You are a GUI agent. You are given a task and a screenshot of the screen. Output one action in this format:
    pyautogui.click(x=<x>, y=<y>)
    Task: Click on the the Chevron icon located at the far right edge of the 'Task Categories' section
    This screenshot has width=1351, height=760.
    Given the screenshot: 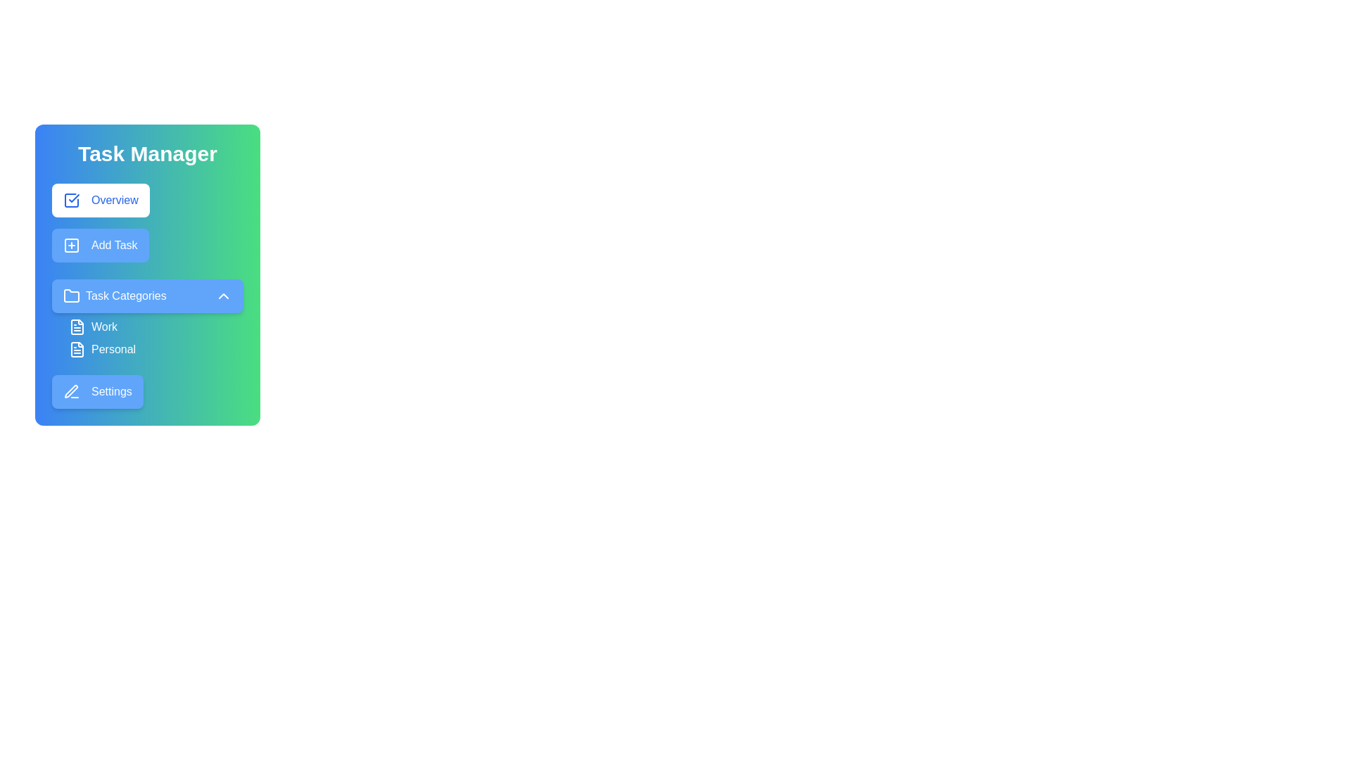 What is the action you would take?
    pyautogui.click(x=222, y=295)
    